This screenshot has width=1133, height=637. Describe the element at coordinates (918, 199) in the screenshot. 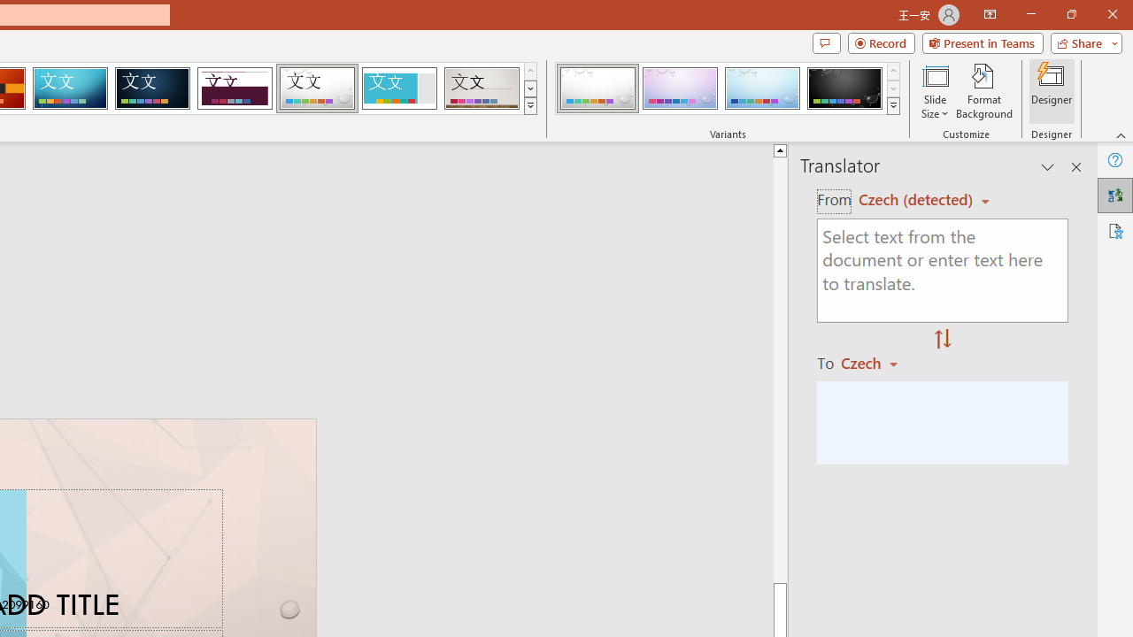

I see `'Czech (detected)'` at that location.